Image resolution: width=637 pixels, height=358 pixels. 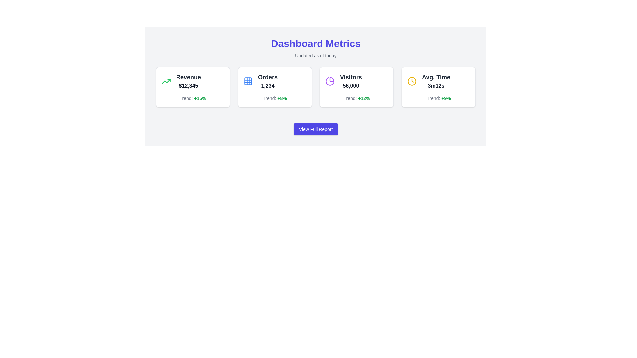 I want to click on prominent title or heading text that is centered at the top of the dashboard, which indicates the purpose of the data displayed below, so click(x=315, y=43).